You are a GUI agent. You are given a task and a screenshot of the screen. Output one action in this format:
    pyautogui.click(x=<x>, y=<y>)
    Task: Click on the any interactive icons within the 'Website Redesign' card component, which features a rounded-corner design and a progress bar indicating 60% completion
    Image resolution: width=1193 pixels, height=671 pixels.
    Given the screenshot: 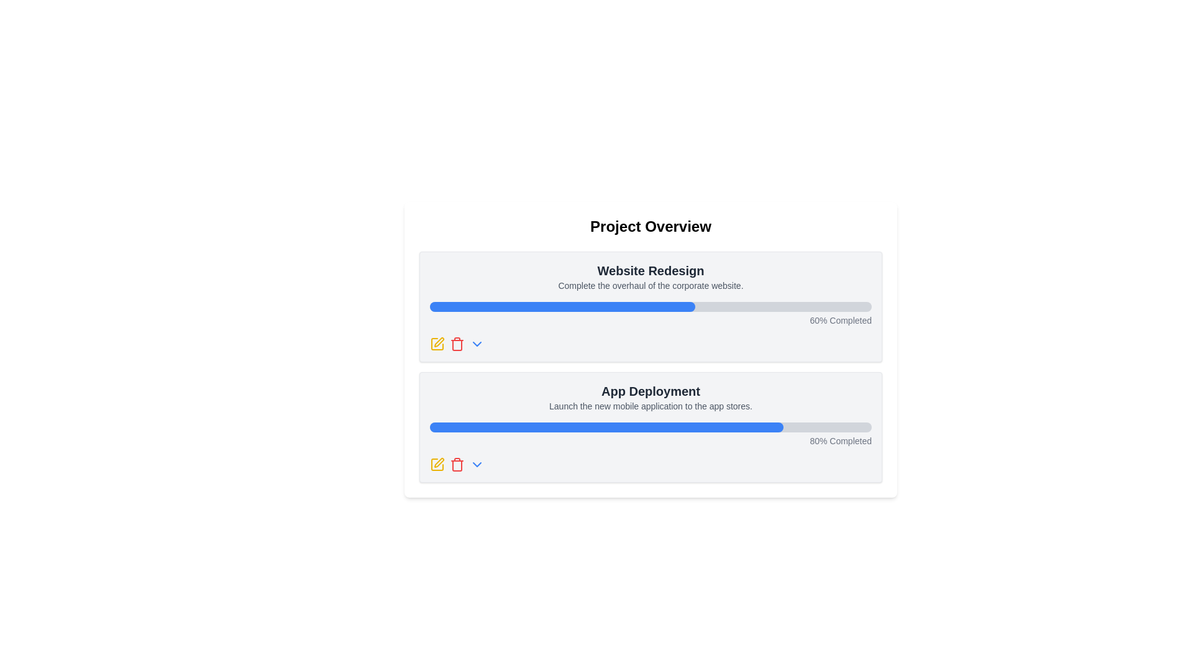 What is the action you would take?
    pyautogui.click(x=650, y=306)
    